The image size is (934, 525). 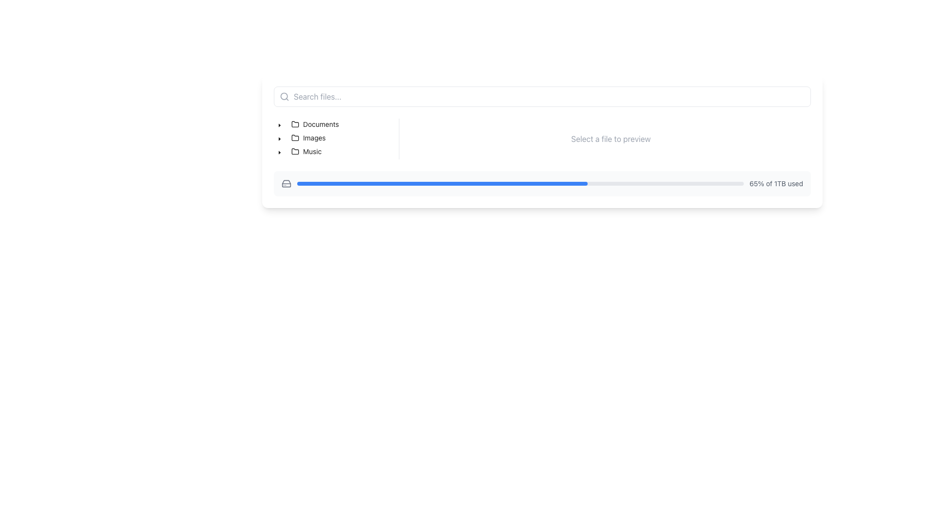 What do you see at coordinates (306, 152) in the screenshot?
I see `the 'Music' folder in the file browser` at bounding box center [306, 152].